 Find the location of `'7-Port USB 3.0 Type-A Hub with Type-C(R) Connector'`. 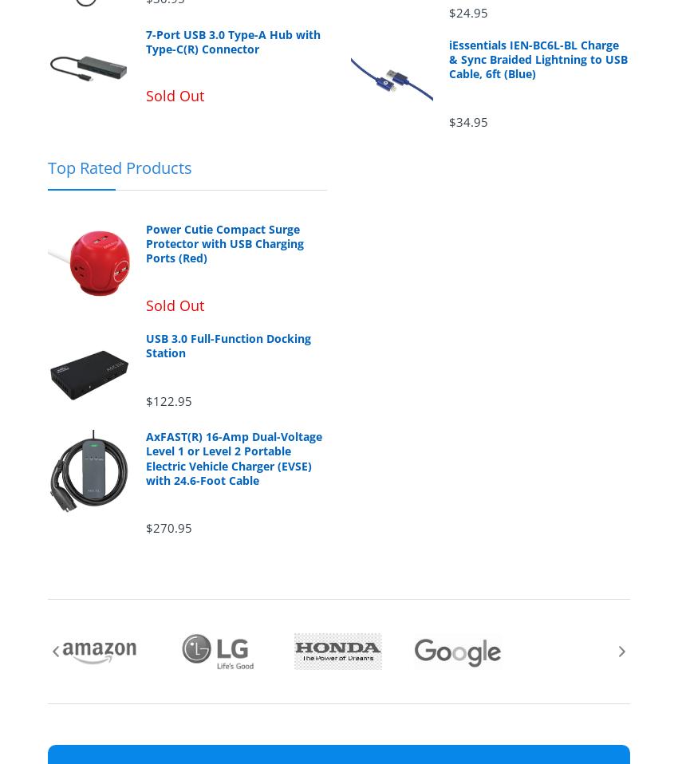

'7-Port USB 3.0 Type-A Hub with Type-C(R) Connector' is located at coordinates (232, 40).